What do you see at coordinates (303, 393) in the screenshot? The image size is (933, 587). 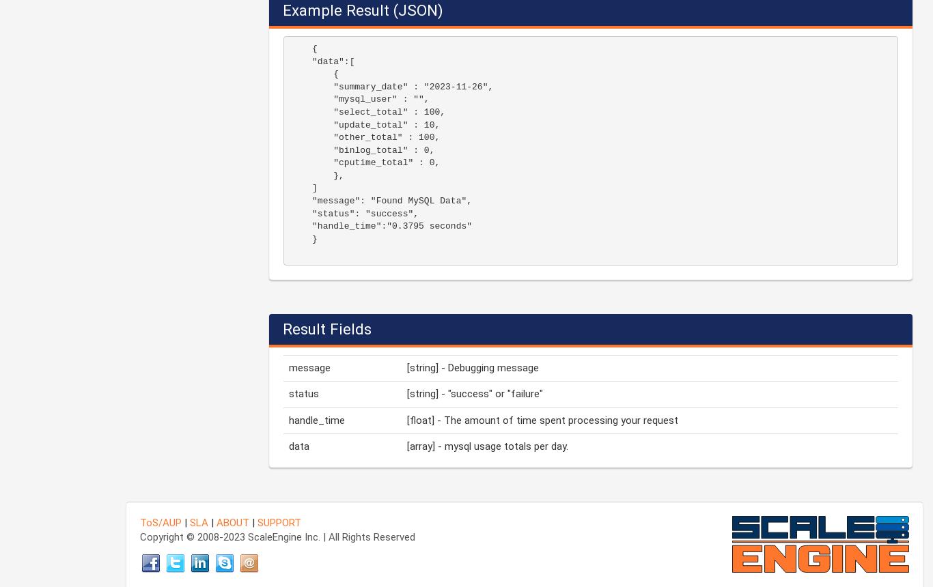 I see `'status'` at bounding box center [303, 393].